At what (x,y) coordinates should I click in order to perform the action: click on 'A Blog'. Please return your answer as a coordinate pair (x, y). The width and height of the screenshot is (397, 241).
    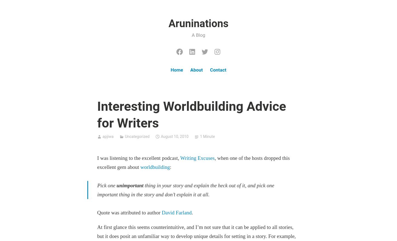
    Looking at the image, I should click on (198, 35).